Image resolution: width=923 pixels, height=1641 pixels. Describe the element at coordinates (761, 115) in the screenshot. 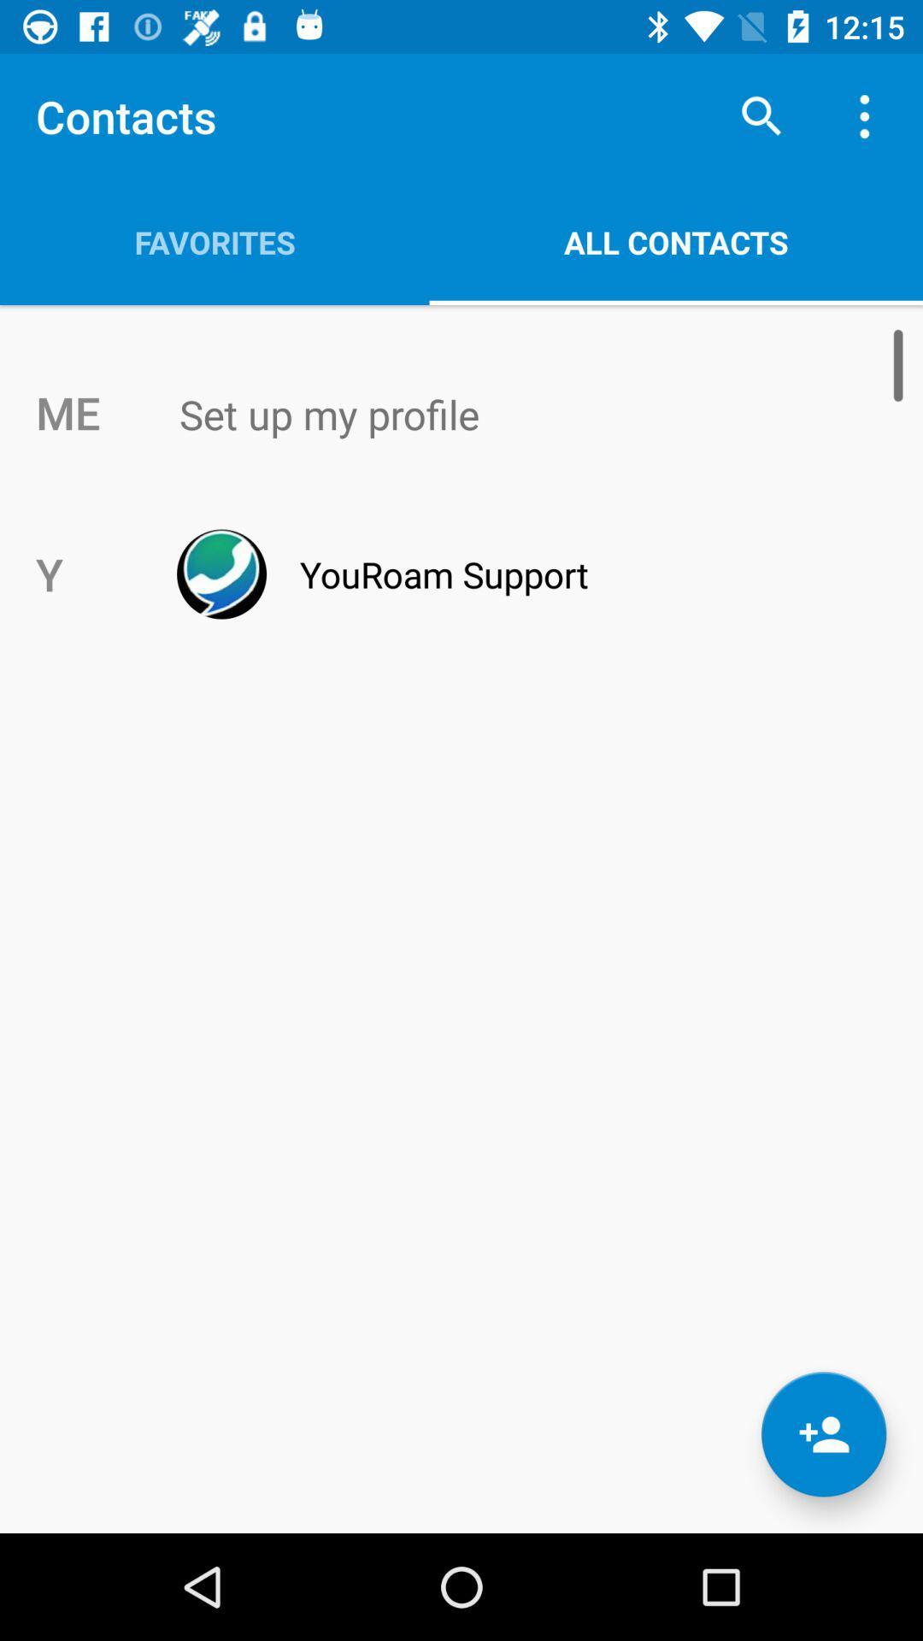

I see `icon to the right of favorites app` at that location.